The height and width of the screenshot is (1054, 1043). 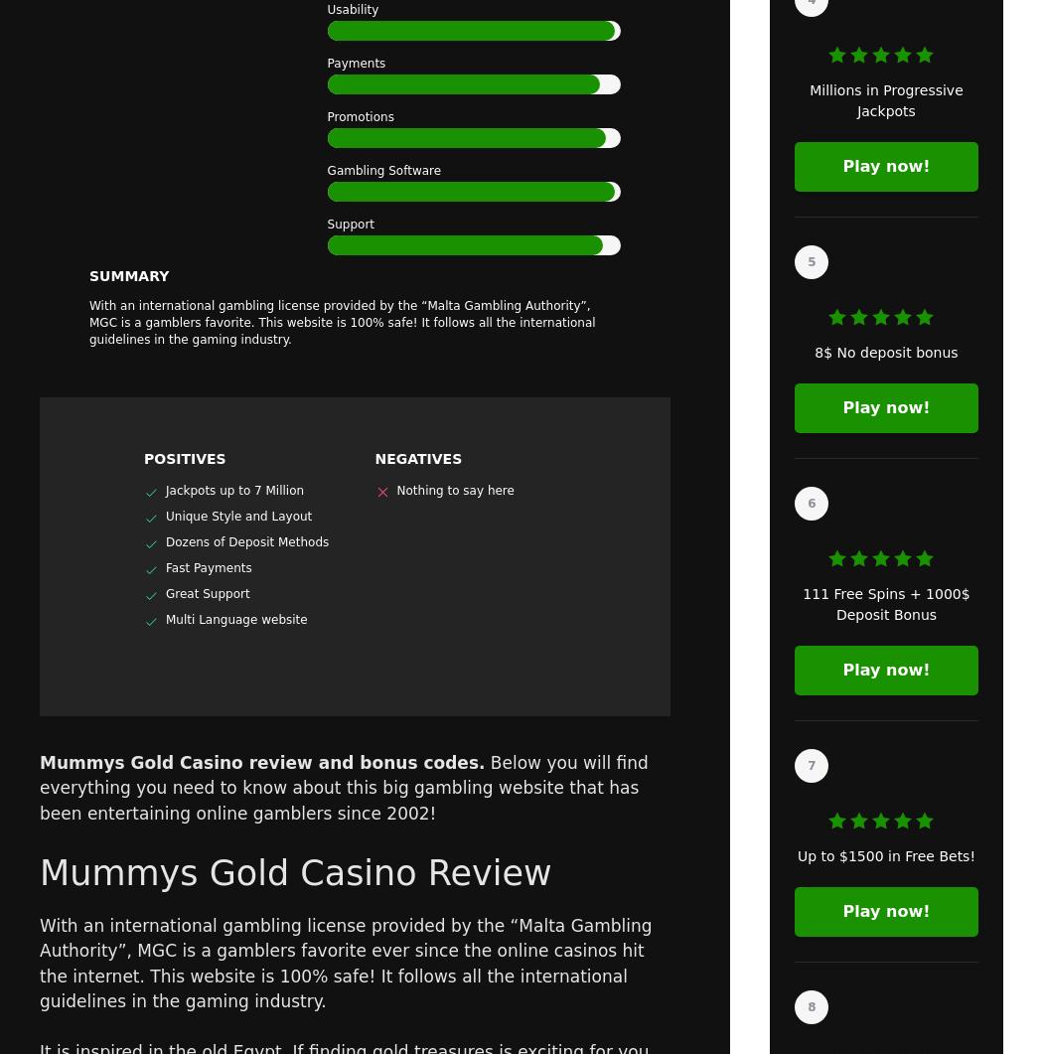 I want to click on 'Payments', so click(x=355, y=63).